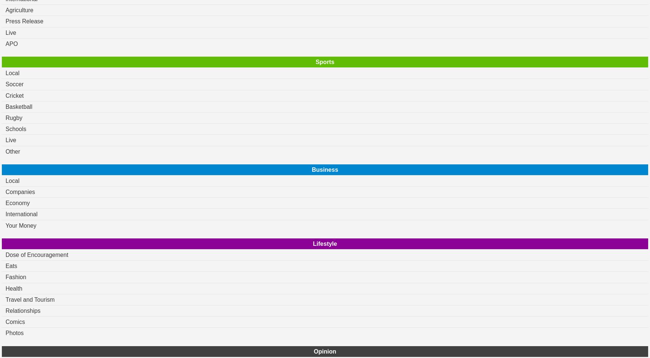 The image size is (650, 358). I want to click on 'Your Money', so click(21, 225).